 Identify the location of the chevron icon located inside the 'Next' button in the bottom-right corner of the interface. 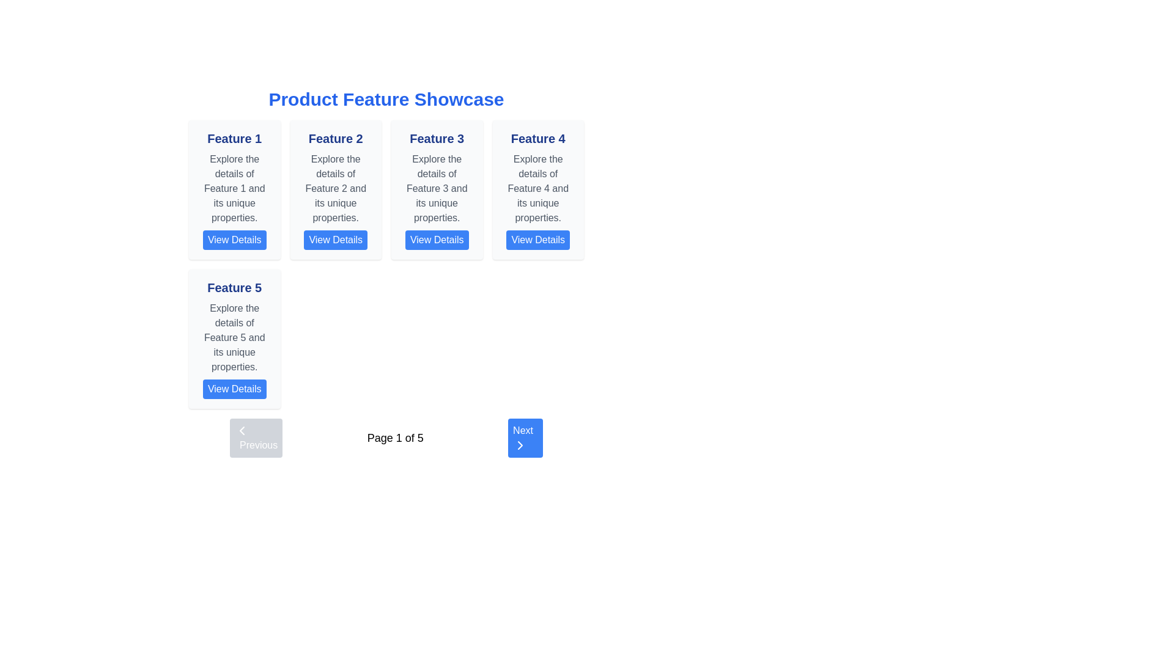
(520, 446).